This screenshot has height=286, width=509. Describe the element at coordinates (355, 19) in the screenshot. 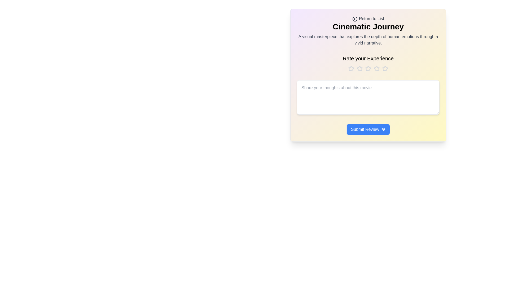

I see `the circular graphic with a red diamond associated with the 'Return to List' button located in the top-left corner of the card` at that location.